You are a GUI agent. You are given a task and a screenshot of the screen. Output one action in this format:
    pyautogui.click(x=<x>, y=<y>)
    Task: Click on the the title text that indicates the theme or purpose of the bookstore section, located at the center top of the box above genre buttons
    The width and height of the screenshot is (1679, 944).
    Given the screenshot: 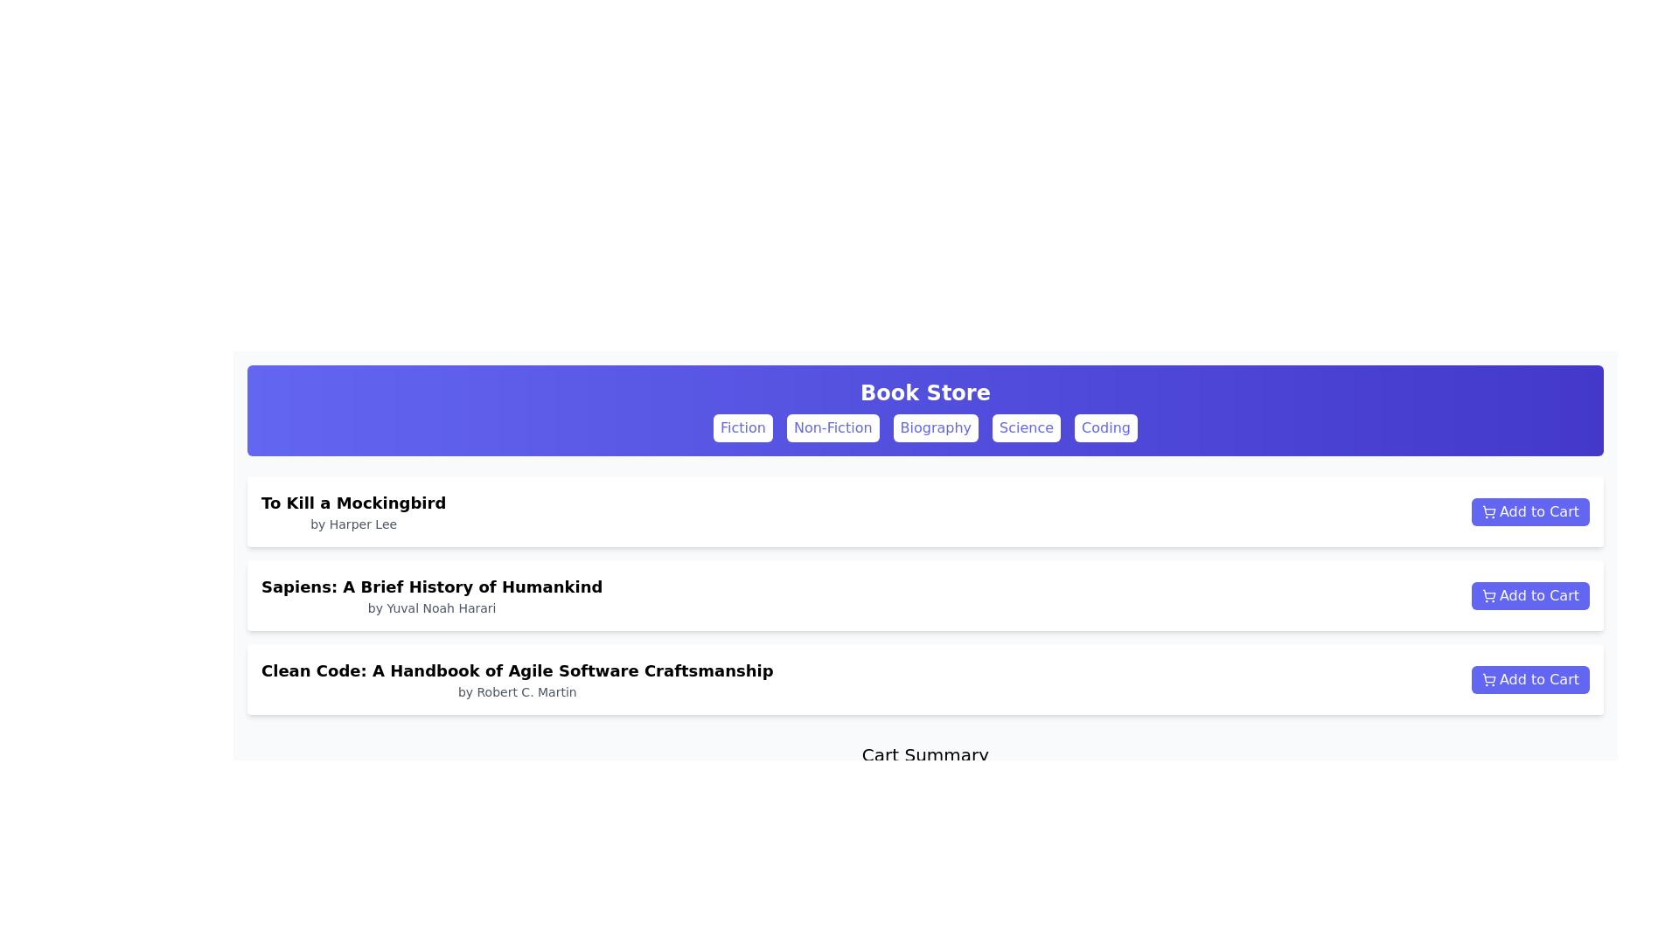 What is the action you would take?
    pyautogui.click(x=924, y=393)
    